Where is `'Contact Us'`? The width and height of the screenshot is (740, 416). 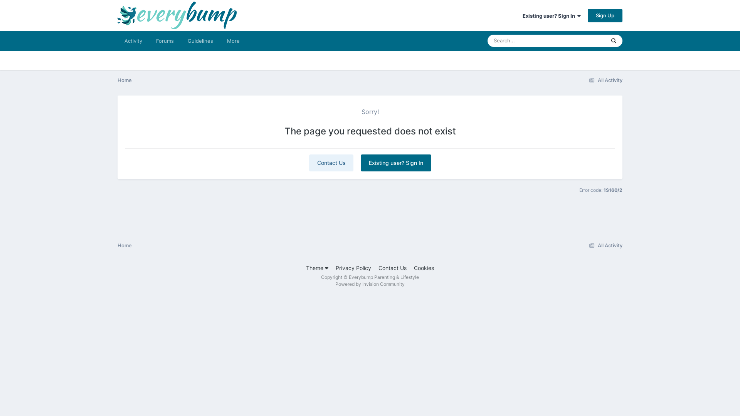
'Contact Us' is located at coordinates (331, 163).